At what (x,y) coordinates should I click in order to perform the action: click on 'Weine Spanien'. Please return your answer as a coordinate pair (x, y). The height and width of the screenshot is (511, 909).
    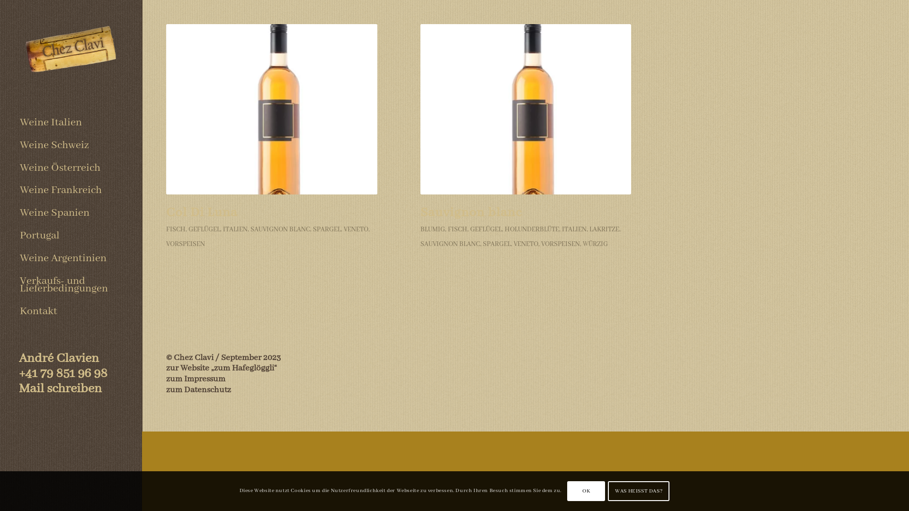
    Looking at the image, I should click on (70, 213).